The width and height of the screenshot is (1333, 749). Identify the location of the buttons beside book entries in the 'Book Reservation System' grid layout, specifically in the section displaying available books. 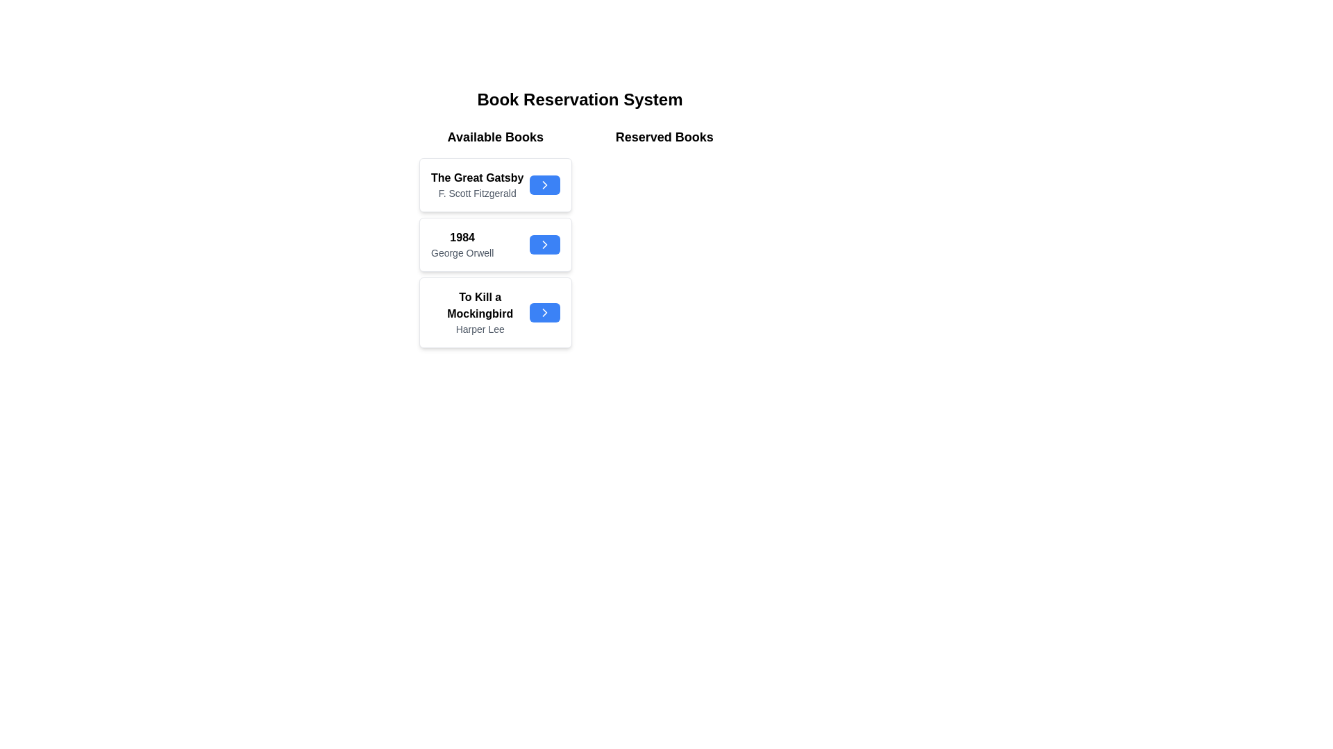
(580, 240).